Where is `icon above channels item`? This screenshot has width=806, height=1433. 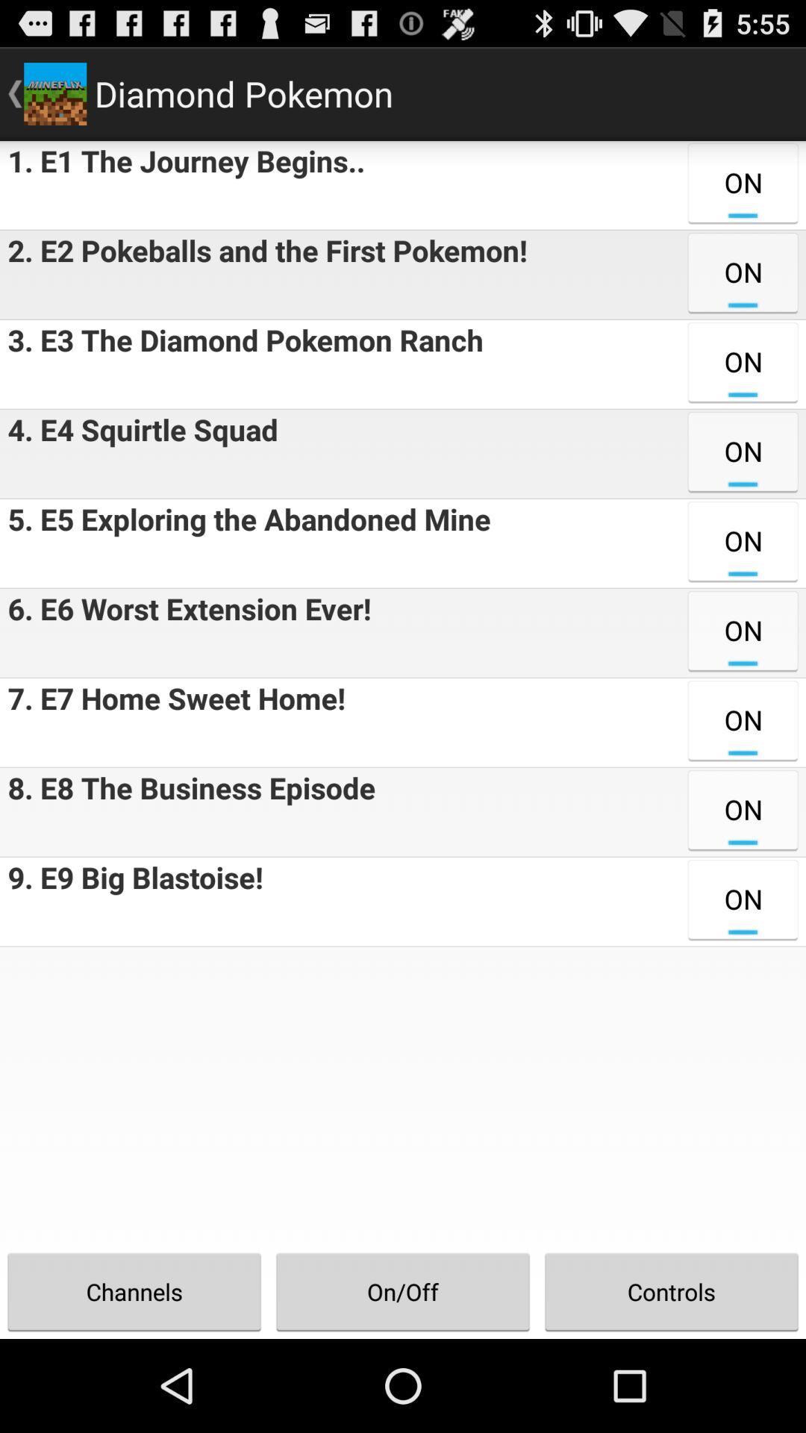 icon above channels item is located at coordinates (131, 901).